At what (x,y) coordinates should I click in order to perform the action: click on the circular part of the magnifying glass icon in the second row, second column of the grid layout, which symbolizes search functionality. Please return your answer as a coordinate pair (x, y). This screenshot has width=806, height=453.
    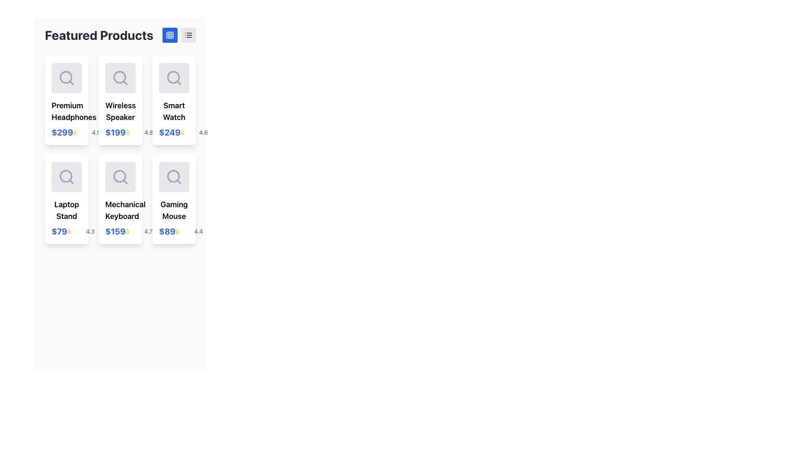
    Looking at the image, I should click on (119, 176).